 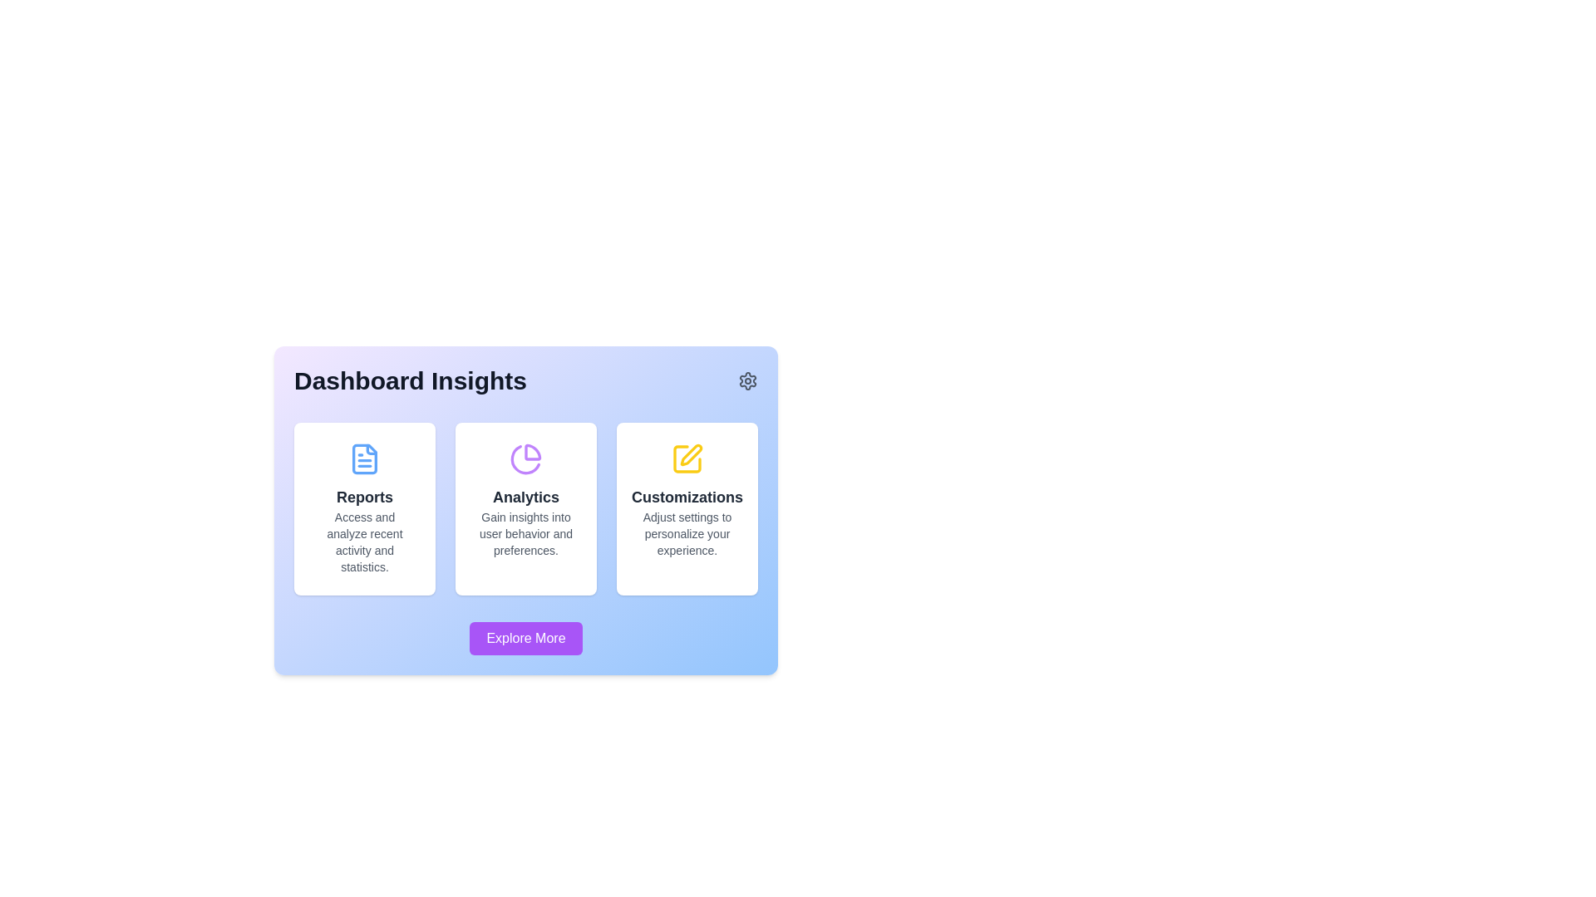 I want to click on the 'Analytics' icon, so click(x=525, y=458).